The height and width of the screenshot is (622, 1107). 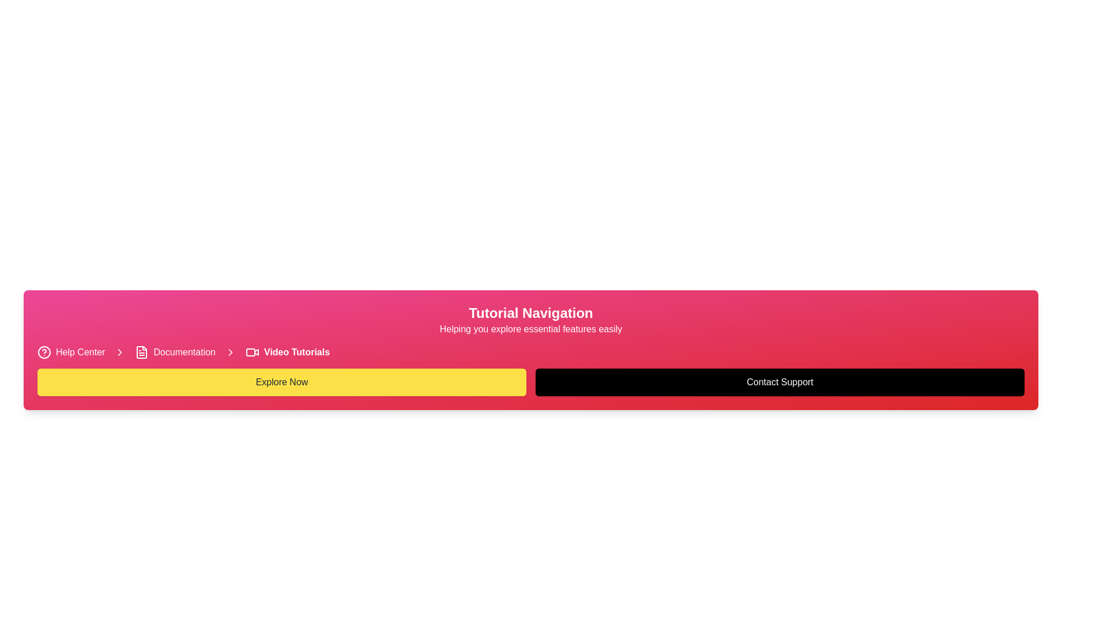 I want to click on the 'Video Tutorials' text label in the breadcrumb navigation bar, which is located to the right of the video icon and follows other breadcrumbs like 'Documentation' and 'Help Center', so click(x=297, y=352).